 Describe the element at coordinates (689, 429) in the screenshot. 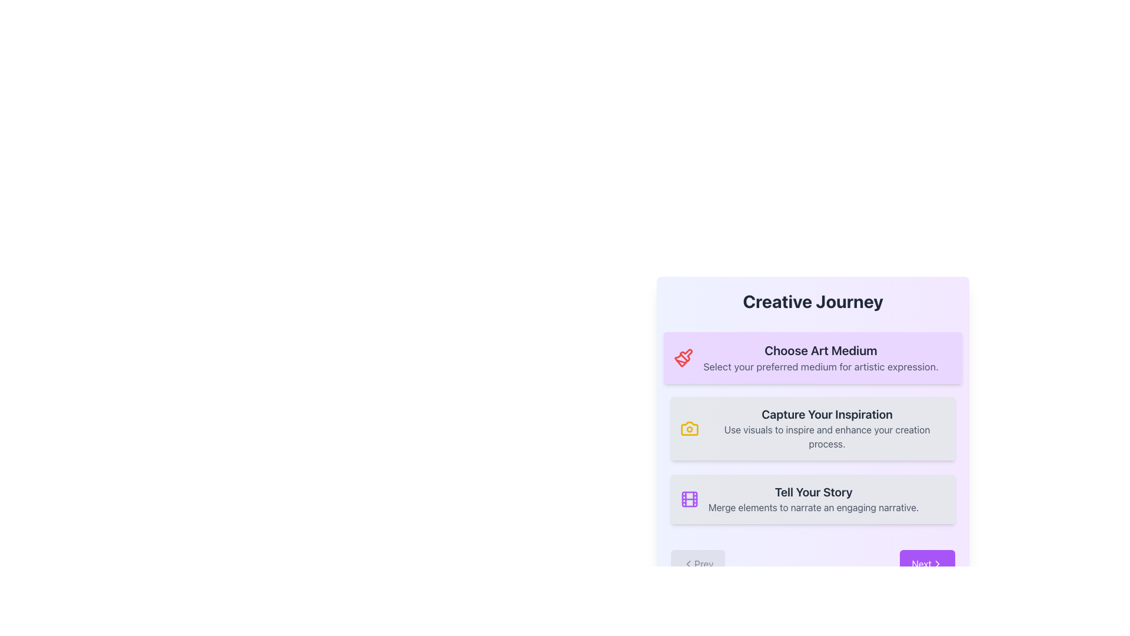

I see `the Icon representing the 'Capture Your Inspiration' feature, located to the left of the title and description in the card section` at that location.